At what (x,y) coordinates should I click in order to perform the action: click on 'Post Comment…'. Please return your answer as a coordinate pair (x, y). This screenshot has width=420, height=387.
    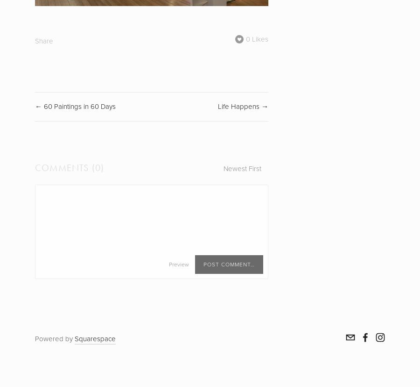
    Looking at the image, I should click on (229, 264).